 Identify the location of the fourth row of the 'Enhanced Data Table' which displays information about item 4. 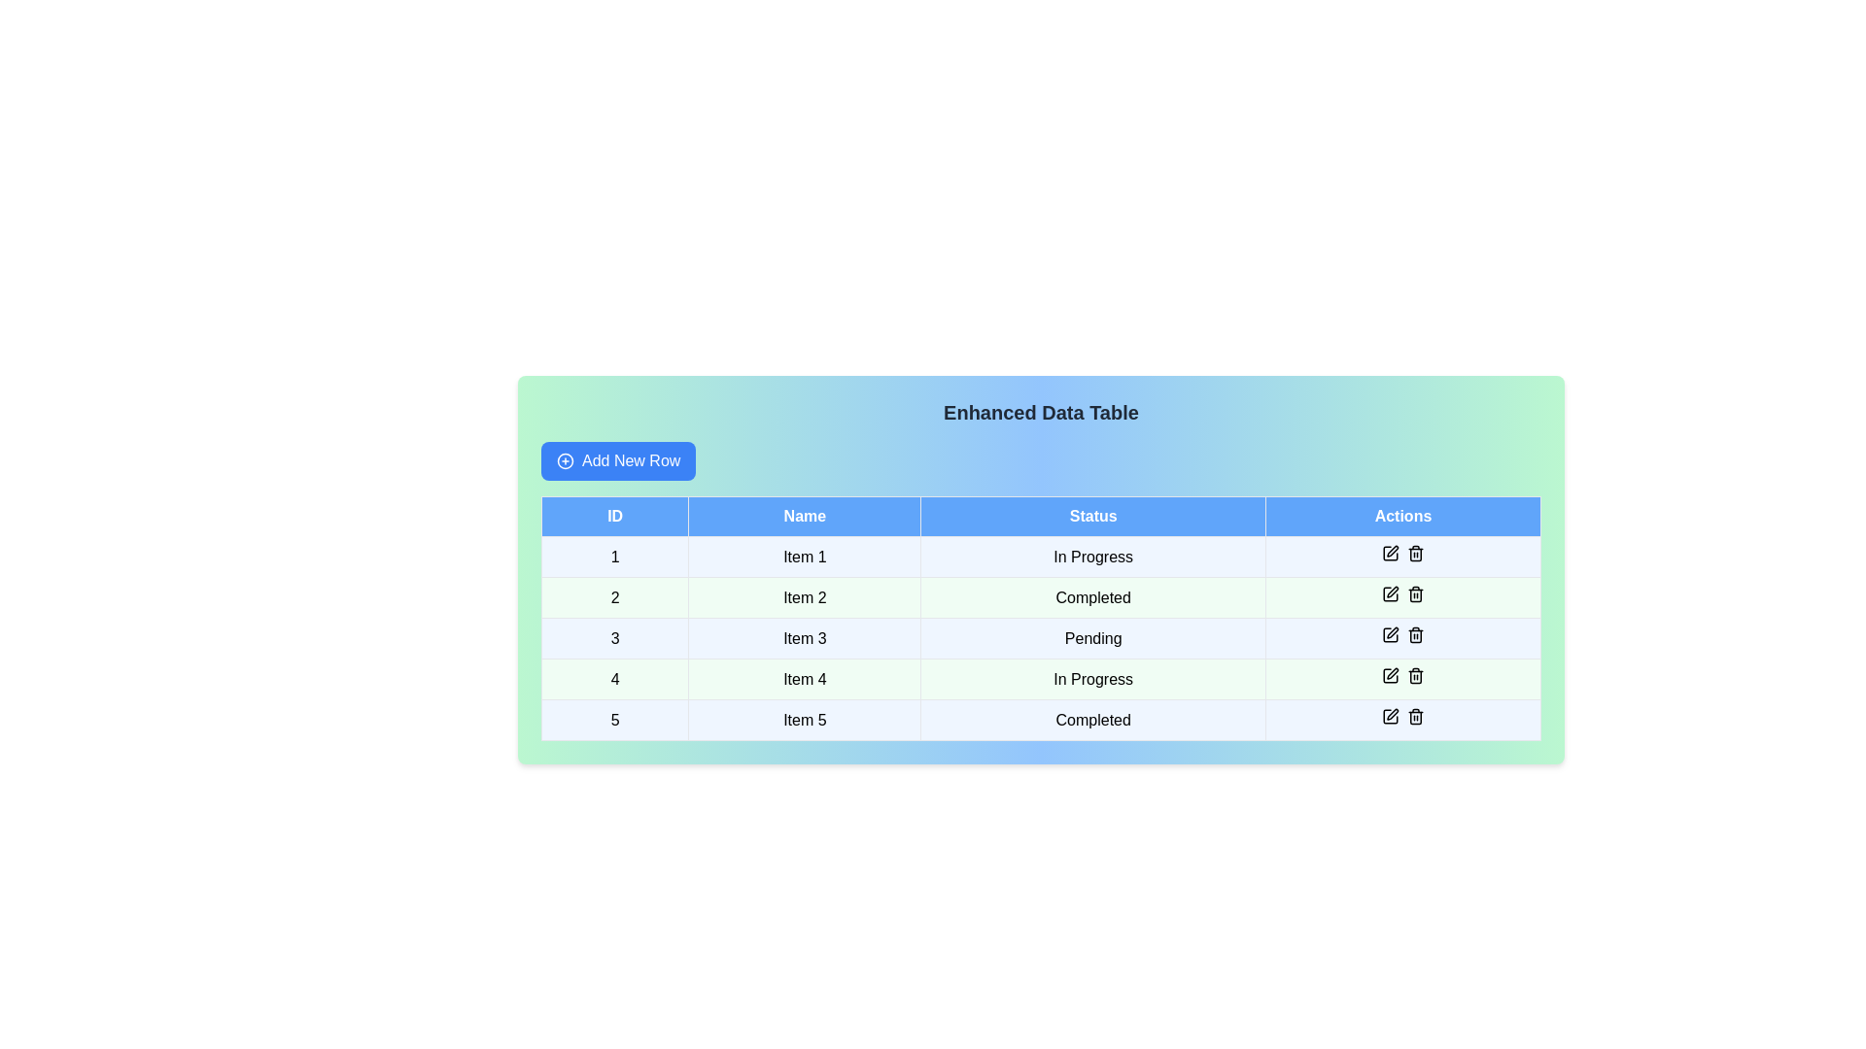
(1040, 678).